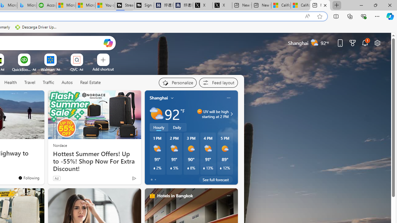 The image size is (397, 223). What do you see at coordinates (172, 98) in the screenshot?
I see `'My location'` at bounding box center [172, 98].